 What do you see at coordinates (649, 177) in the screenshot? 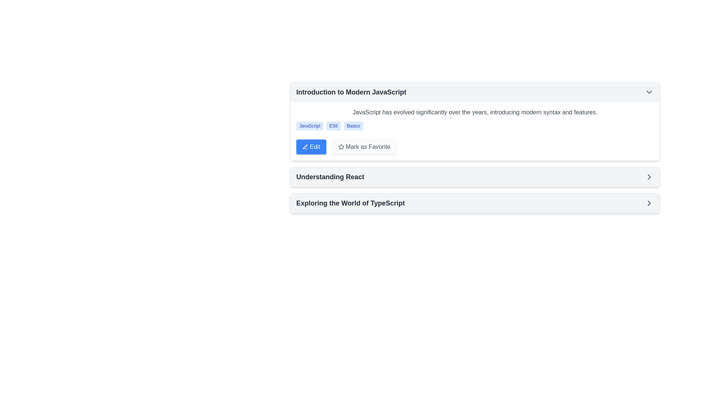
I see `the chevron-shaped button icon located on the right edge of the 'Exploring the World of TypeScript' interactive block` at bounding box center [649, 177].